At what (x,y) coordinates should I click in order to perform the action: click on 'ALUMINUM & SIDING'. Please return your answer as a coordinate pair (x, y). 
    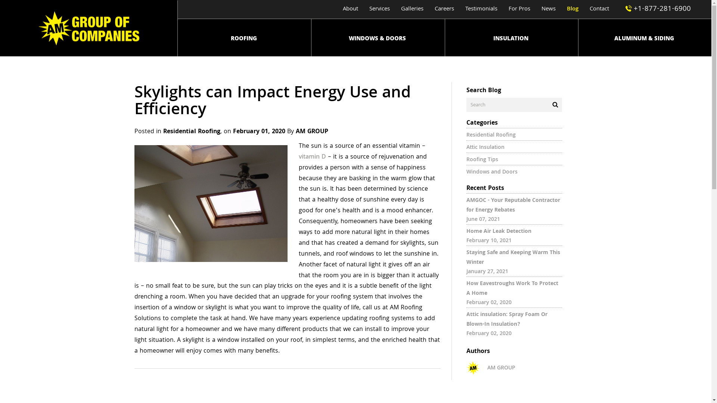
    Looking at the image, I should click on (643, 37).